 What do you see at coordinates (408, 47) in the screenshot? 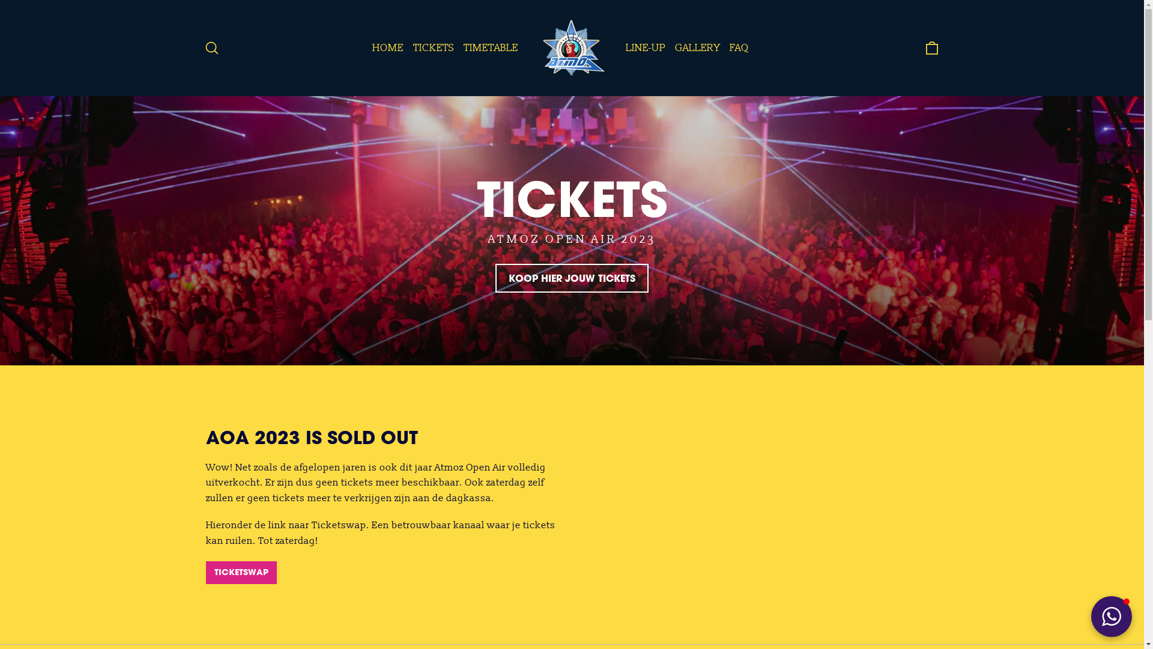
I see `'TICKETS'` at bounding box center [408, 47].